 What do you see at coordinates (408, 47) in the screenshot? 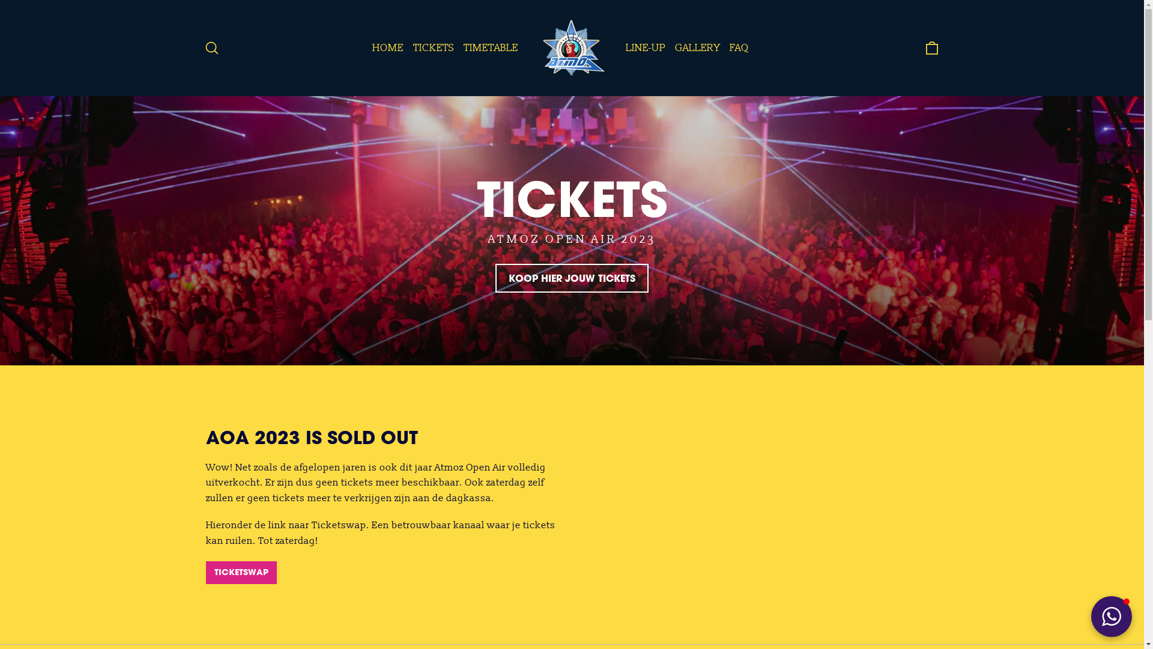
I see `'TICKETS'` at bounding box center [408, 47].